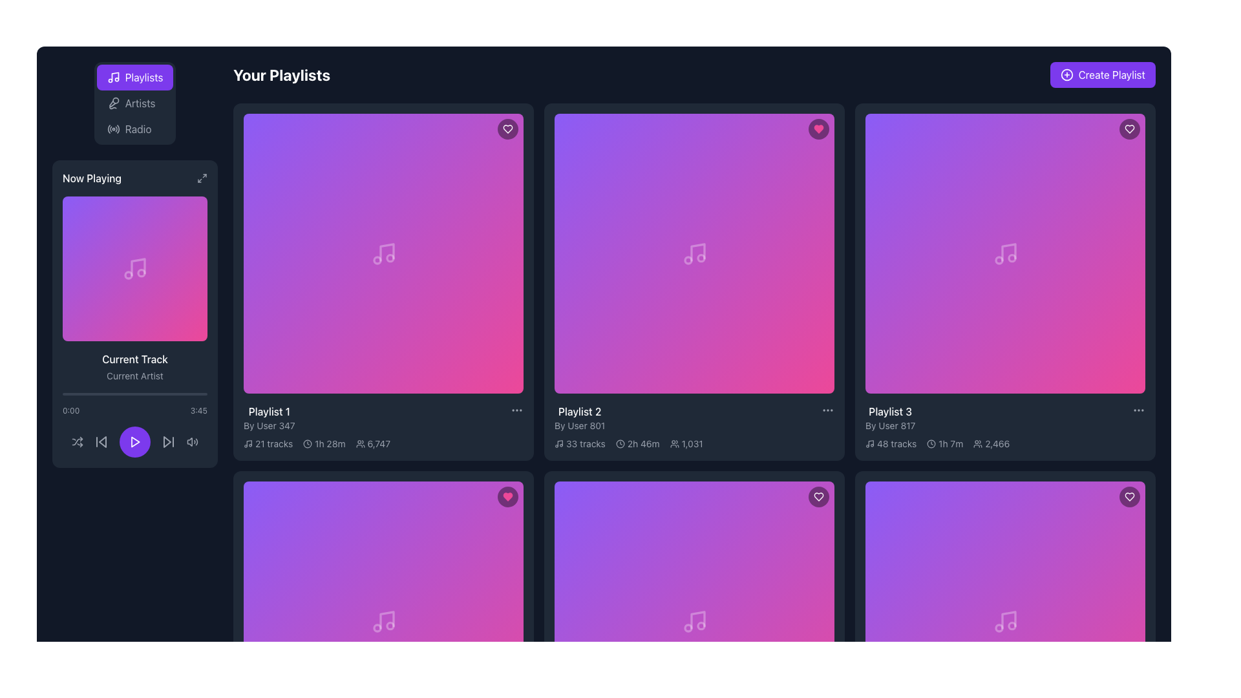 The height and width of the screenshot is (698, 1241). I want to click on the 'favorite' or 'like' button located at the top-right corner of the playlist card, so click(818, 496).